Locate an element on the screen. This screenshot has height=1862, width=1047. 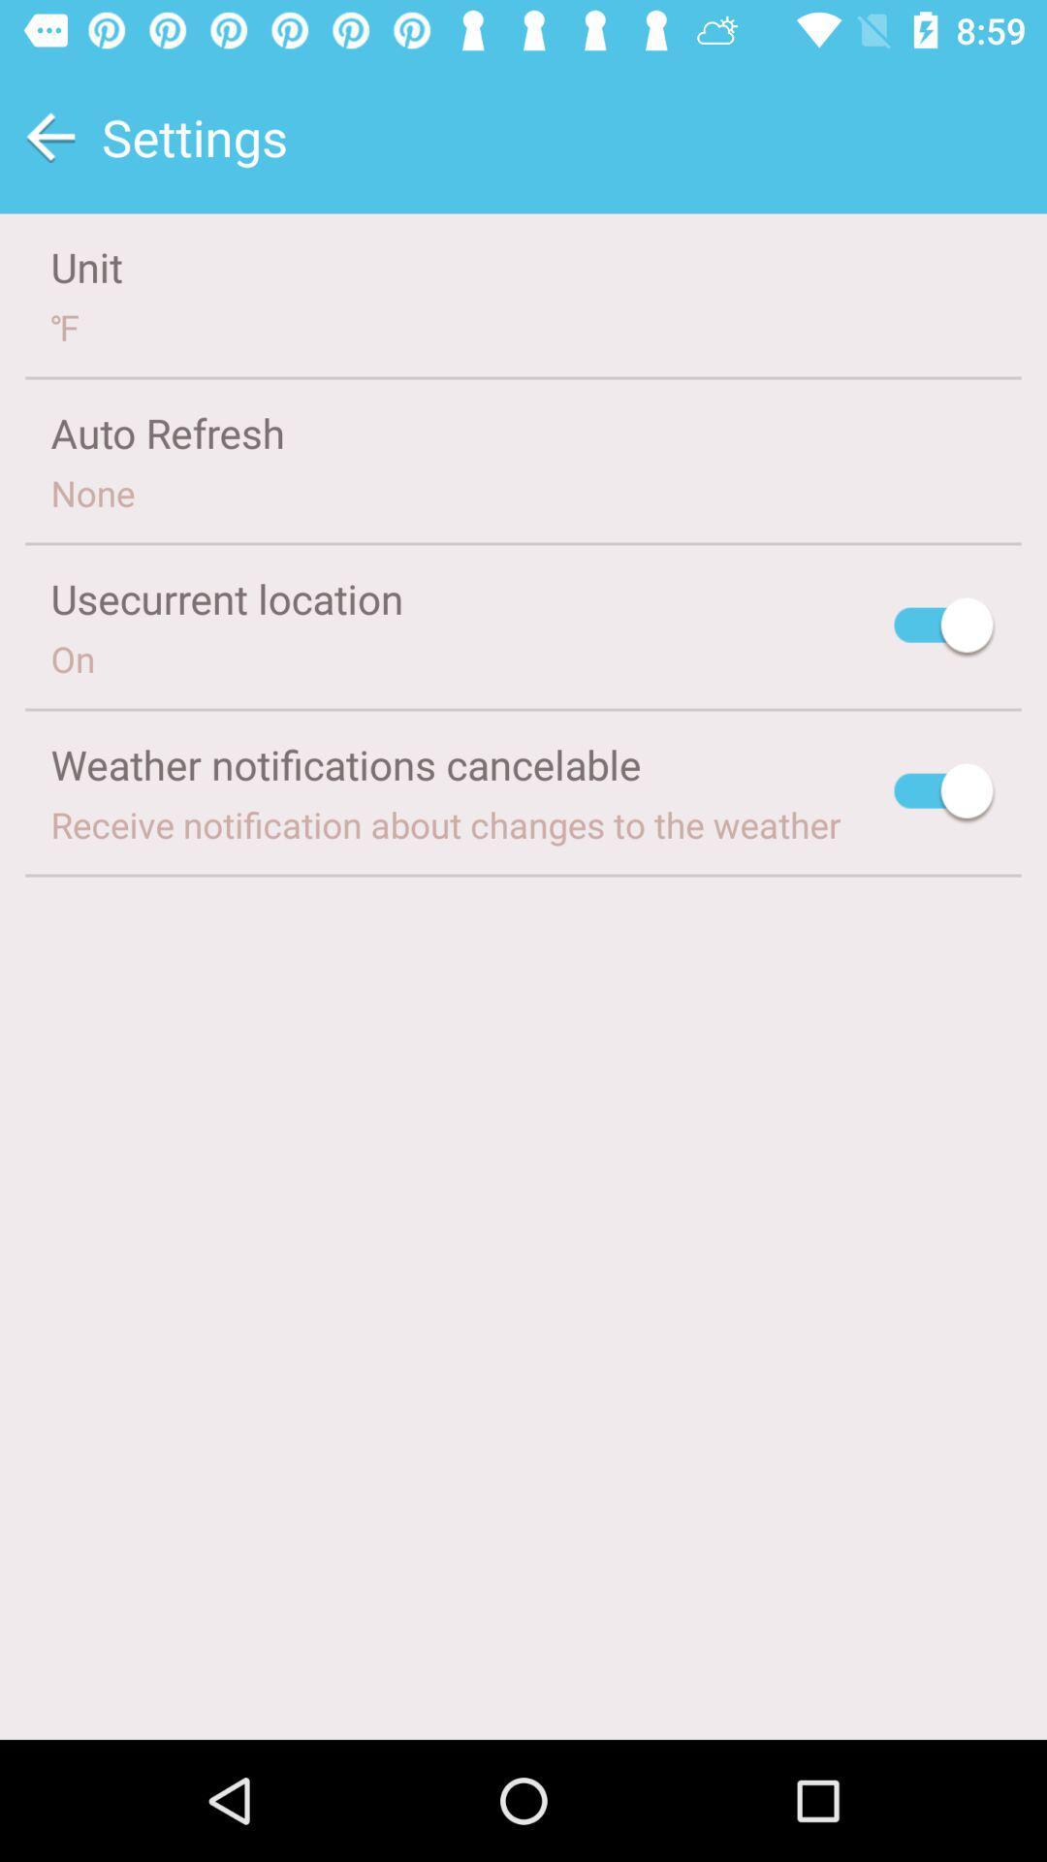
the icon next to usecurrent location icon is located at coordinates (944, 628).